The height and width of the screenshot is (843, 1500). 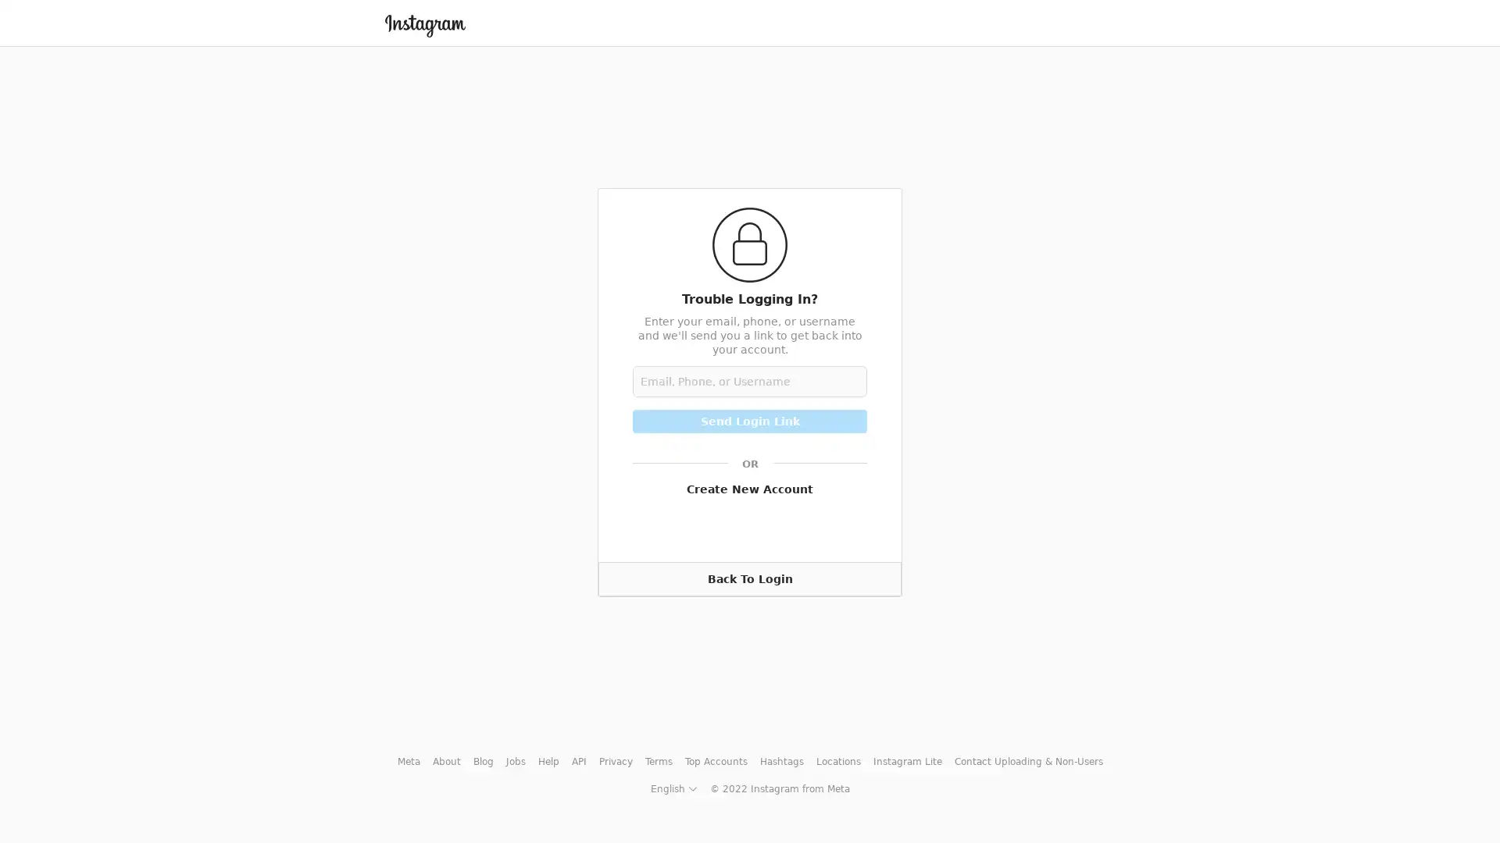 I want to click on Send Login Link, so click(x=750, y=421).